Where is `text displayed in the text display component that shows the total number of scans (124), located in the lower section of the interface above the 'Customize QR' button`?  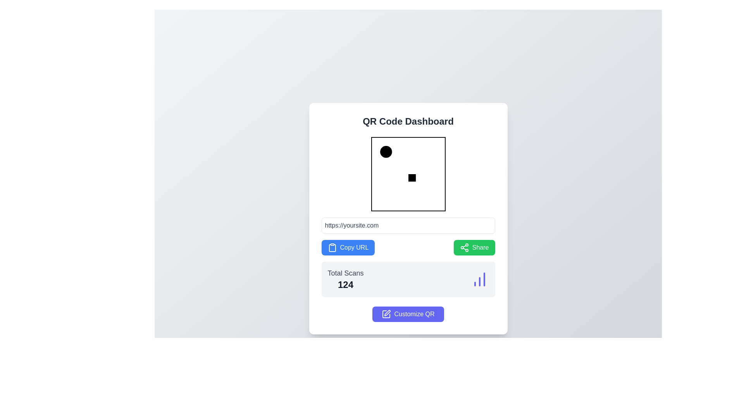 text displayed in the text display component that shows the total number of scans (124), located in the lower section of the interface above the 'Customize QR' button is located at coordinates (345, 279).